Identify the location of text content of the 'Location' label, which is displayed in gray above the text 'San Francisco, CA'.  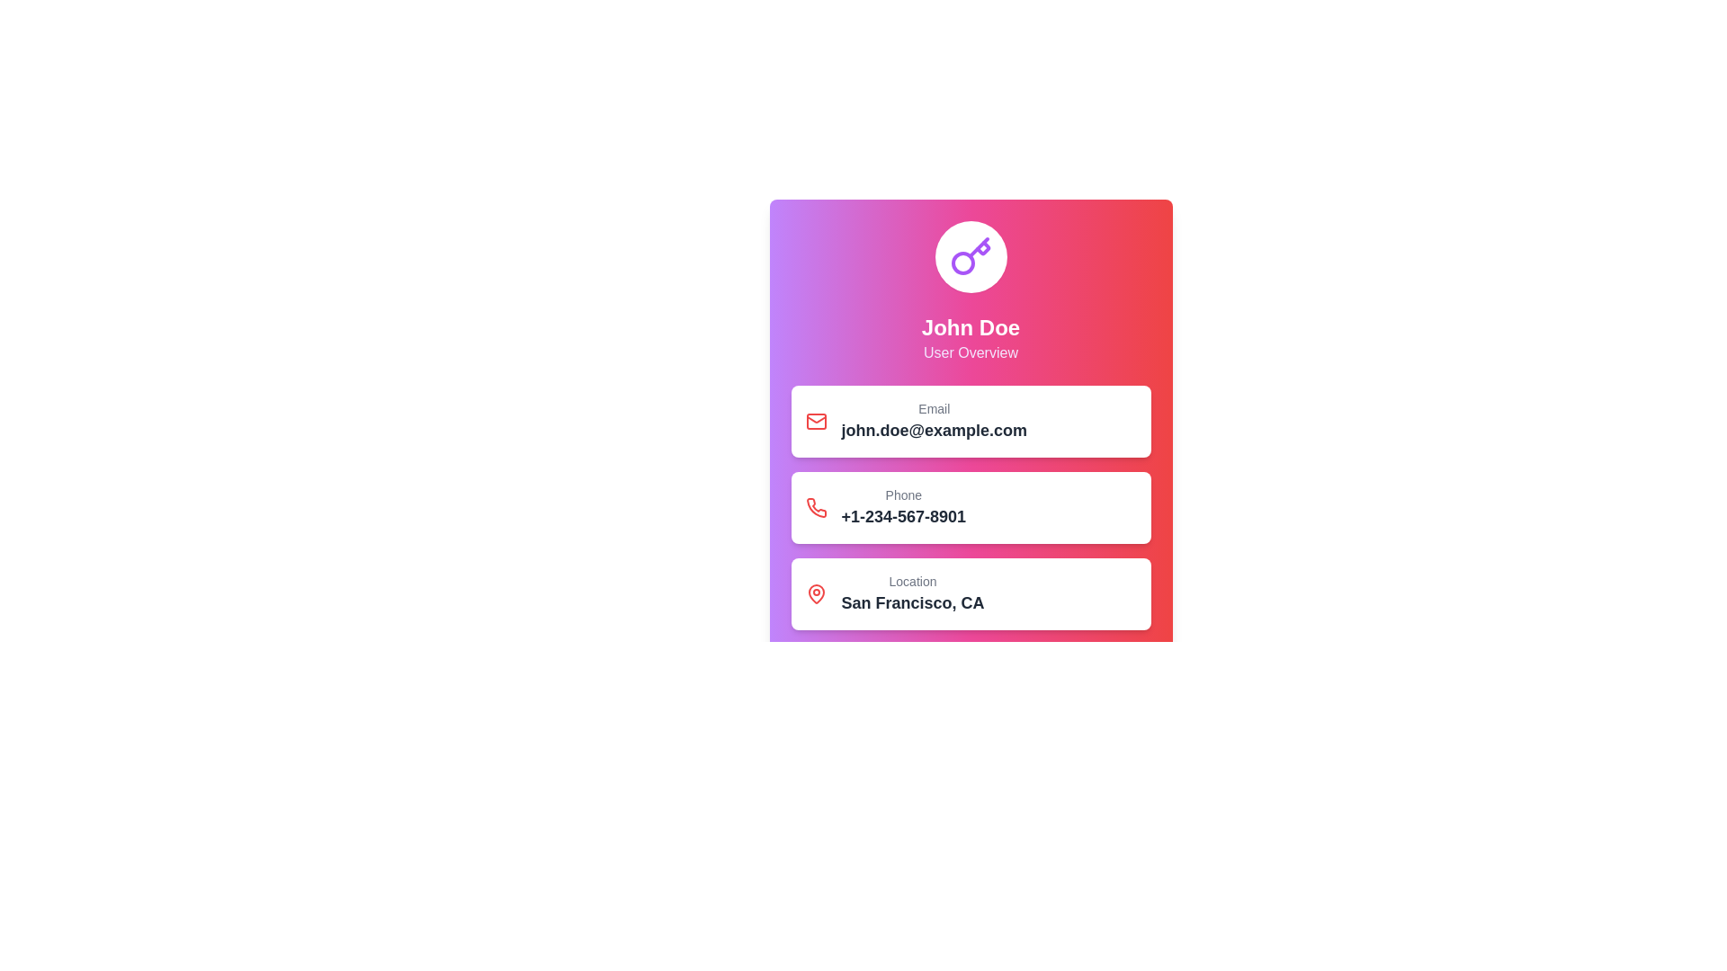
(913, 582).